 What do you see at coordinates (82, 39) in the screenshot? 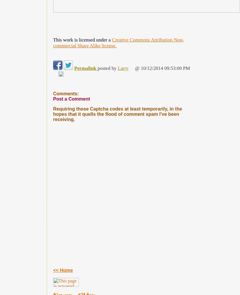
I see `'This work is licensed under a'` at bounding box center [82, 39].